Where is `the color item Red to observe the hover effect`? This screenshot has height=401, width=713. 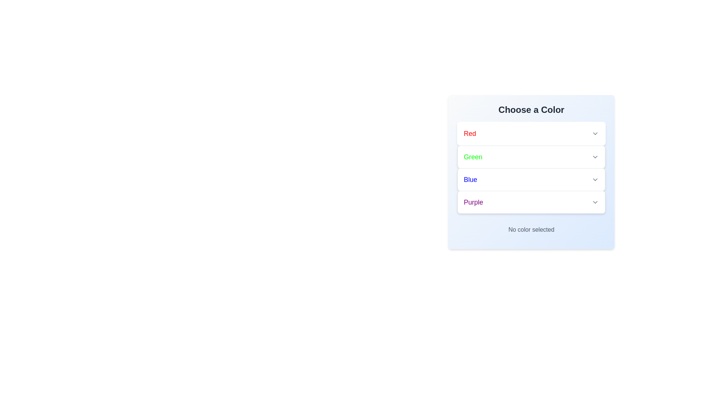
the color item Red to observe the hover effect is located at coordinates (531, 133).